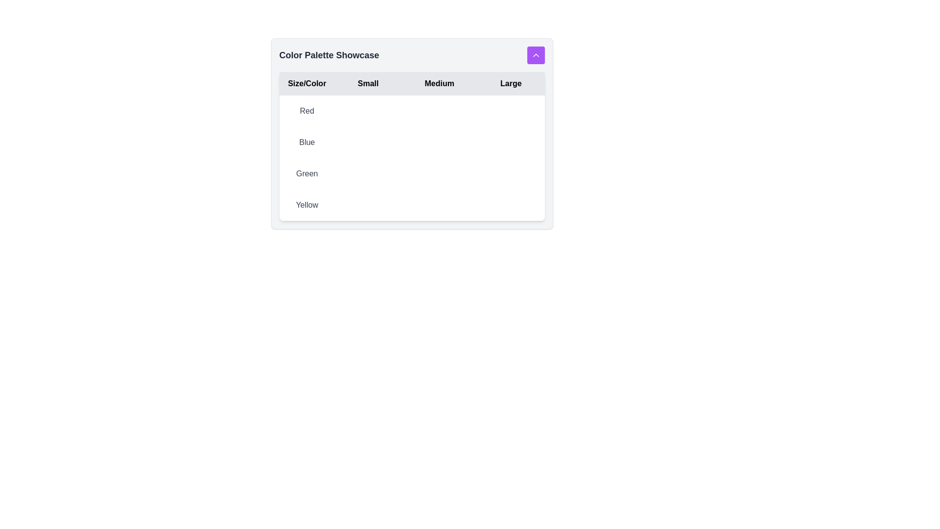  I want to click on the third row of the table labeled 'Green', which contains items of varying sizes and is located between the 'Blue' and 'Yellow' rows, so click(412, 173).